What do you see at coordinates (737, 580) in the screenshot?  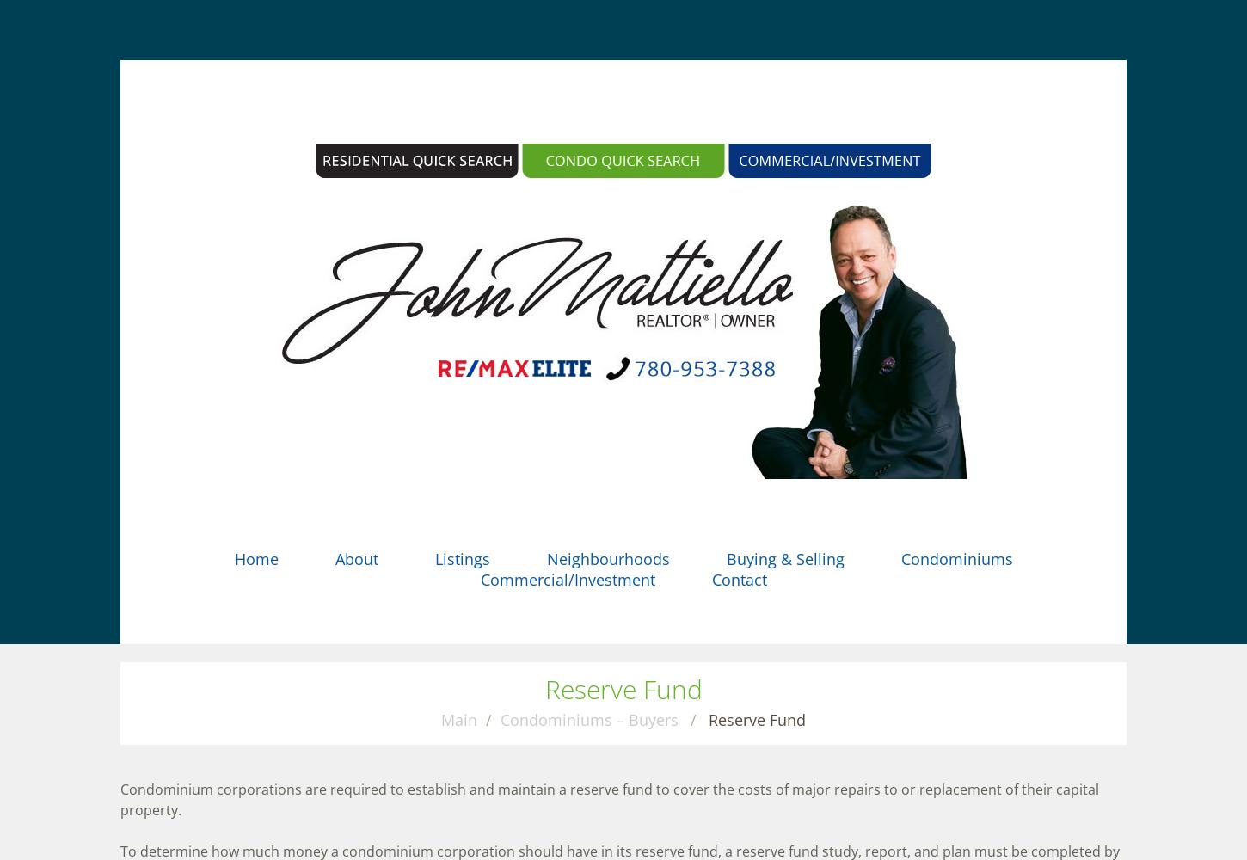 I see `'Contact'` at bounding box center [737, 580].